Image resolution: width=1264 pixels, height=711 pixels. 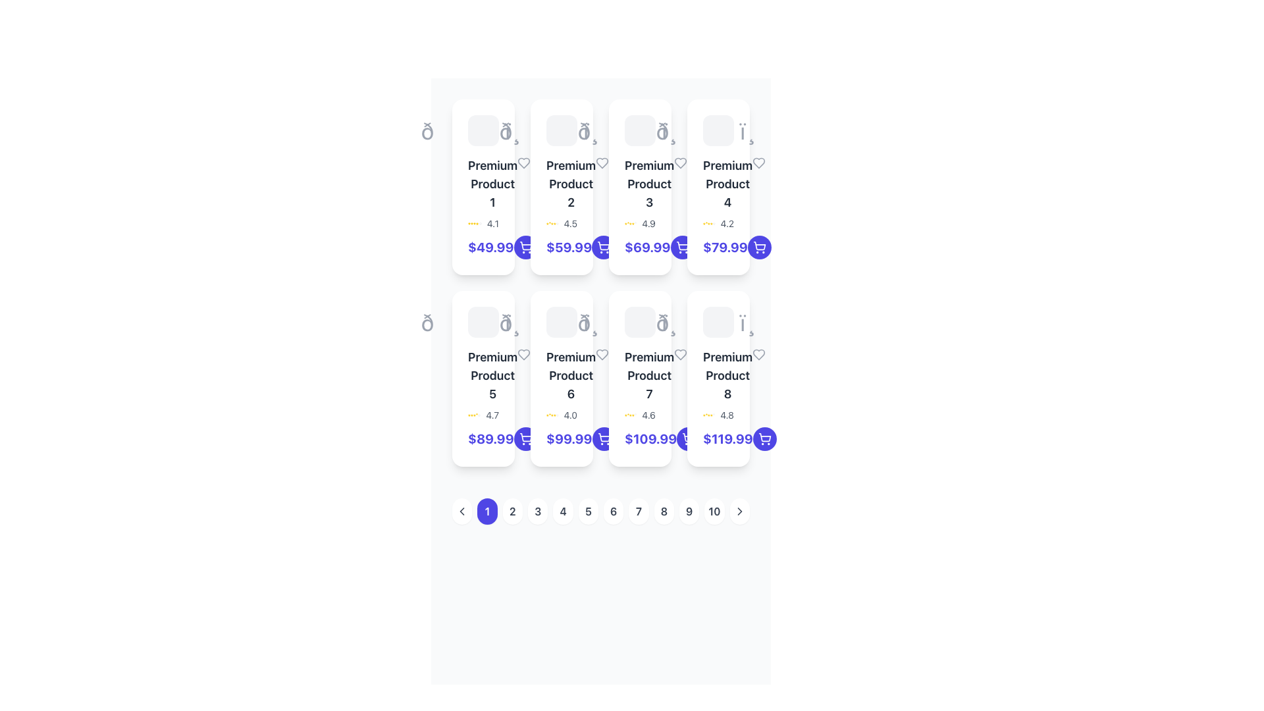 I want to click on the second star icon in the rating visualization below 'Premium Product 5' in the product grid, so click(x=471, y=415).